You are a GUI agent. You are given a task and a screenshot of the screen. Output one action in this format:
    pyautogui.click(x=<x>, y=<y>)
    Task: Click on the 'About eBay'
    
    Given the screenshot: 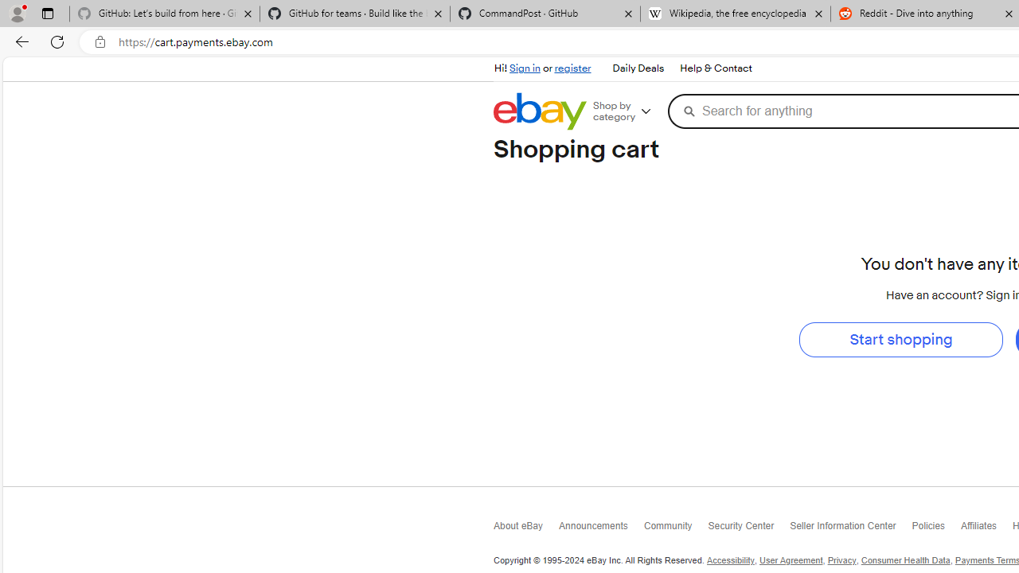 What is the action you would take?
    pyautogui.click(x=526, y=530)
    